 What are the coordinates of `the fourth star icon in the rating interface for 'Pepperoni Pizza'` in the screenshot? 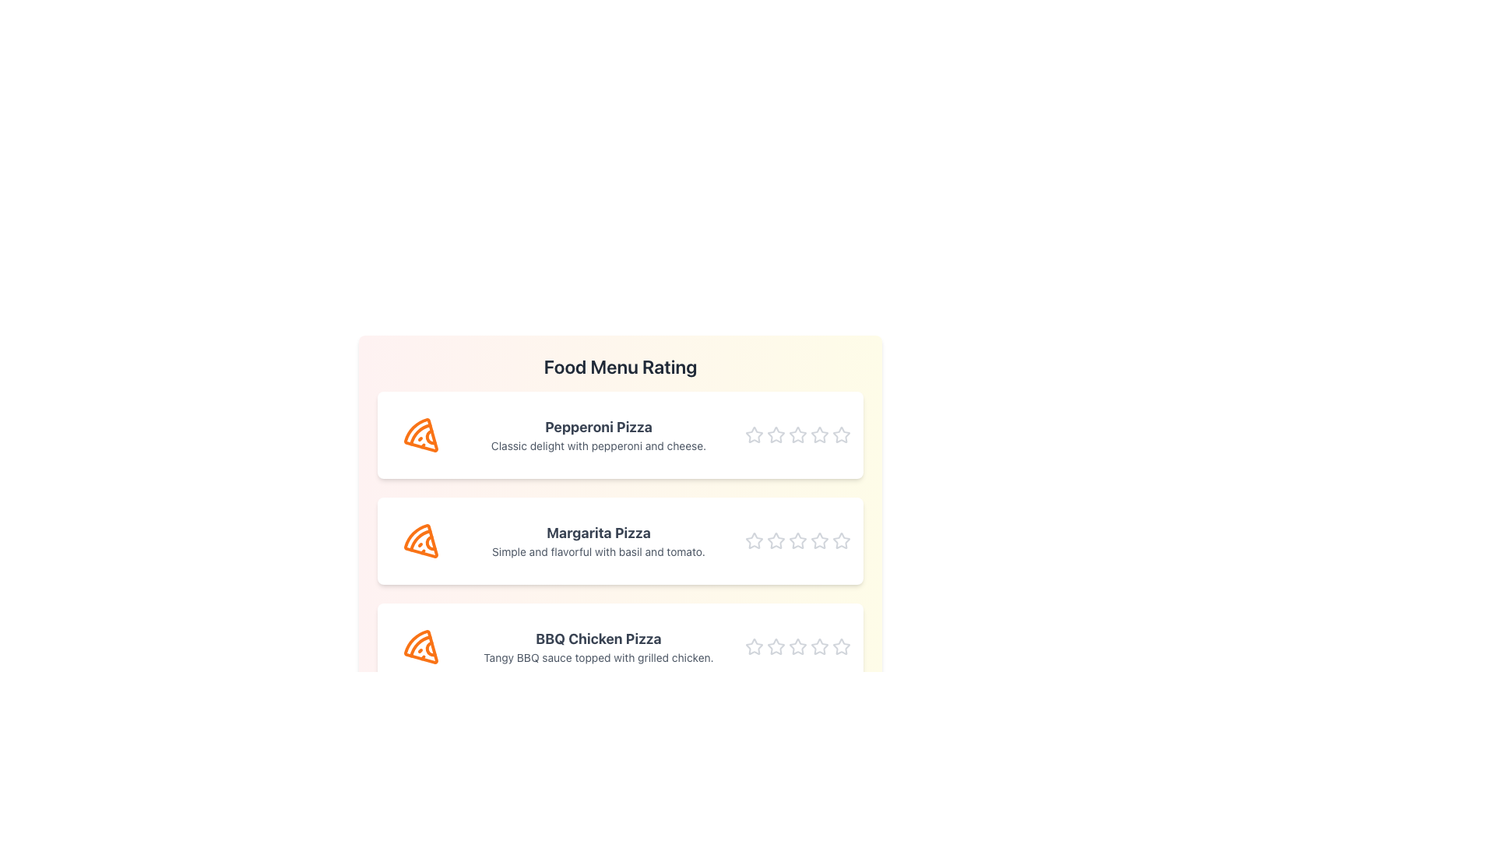 It's located at (840, 435).